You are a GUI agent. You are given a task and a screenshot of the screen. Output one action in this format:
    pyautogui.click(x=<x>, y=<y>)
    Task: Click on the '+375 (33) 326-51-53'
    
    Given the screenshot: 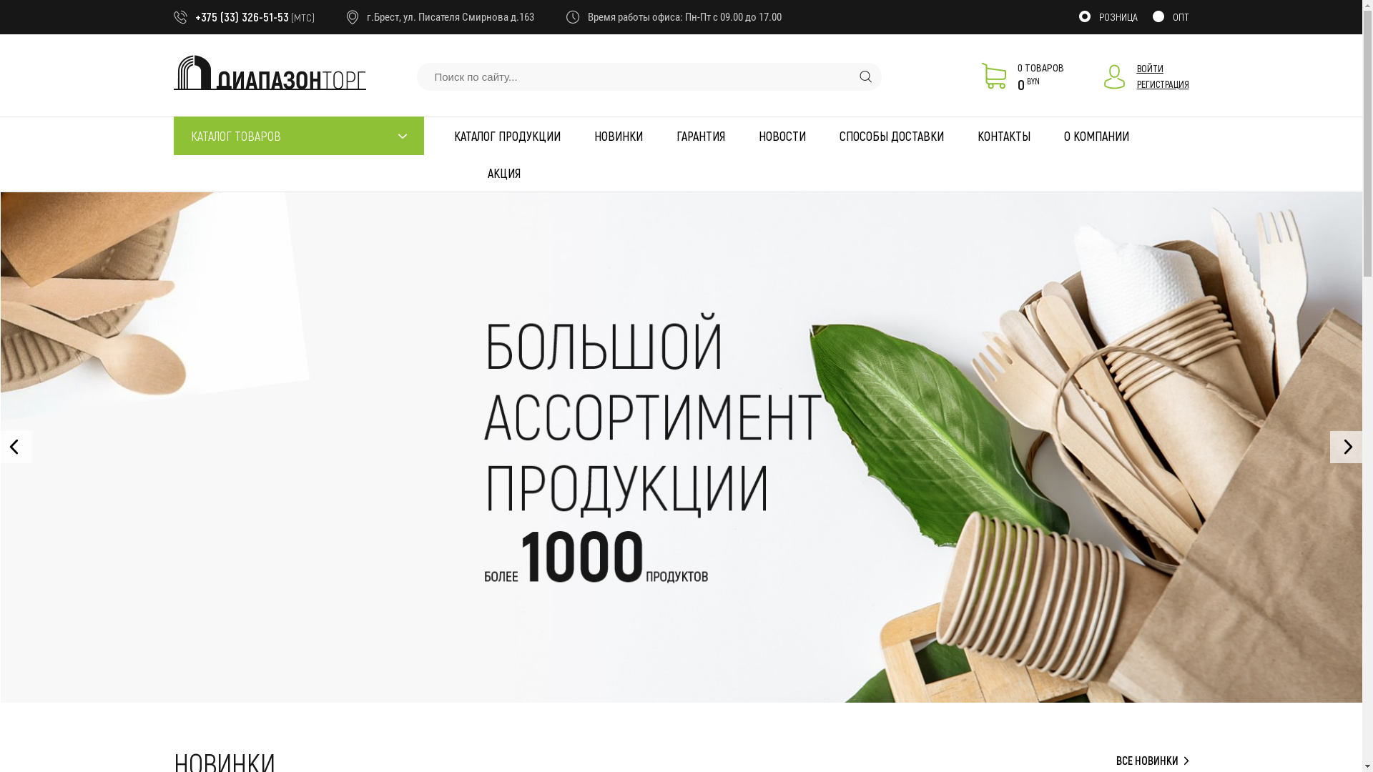 What is the action you would take?
    pyautogui.click(x=194, y=16)
    